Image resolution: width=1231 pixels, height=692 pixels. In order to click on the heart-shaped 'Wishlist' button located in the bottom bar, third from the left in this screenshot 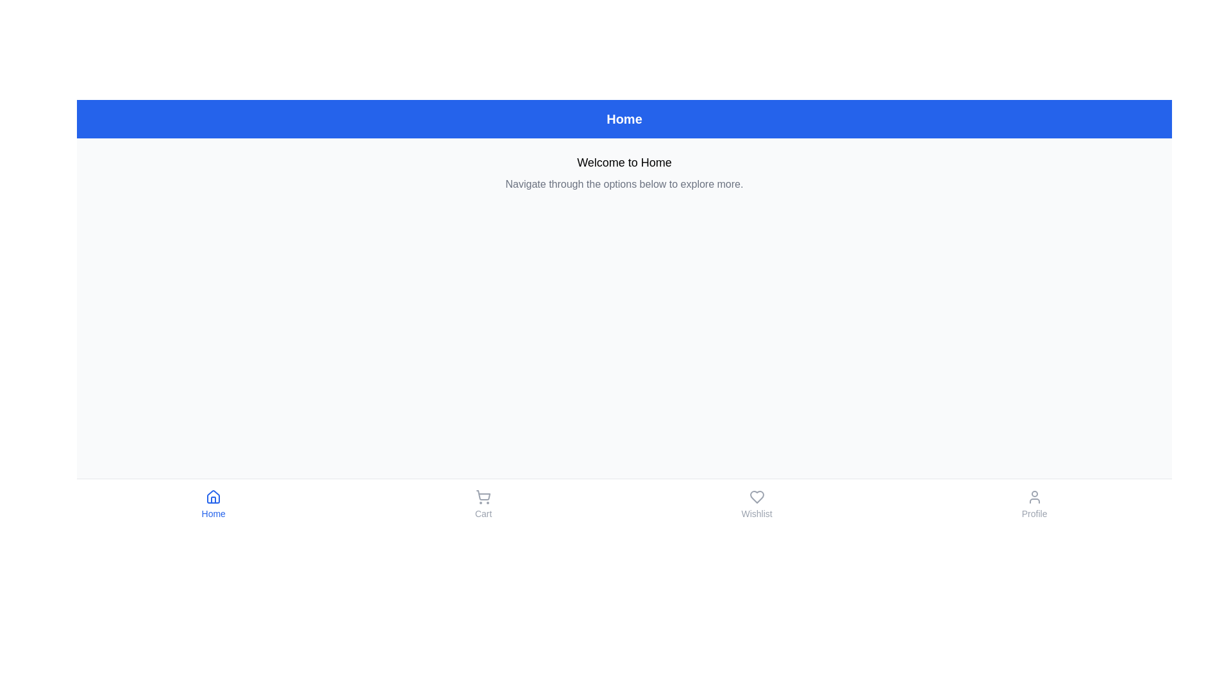, I will do `click(757, 504)`.